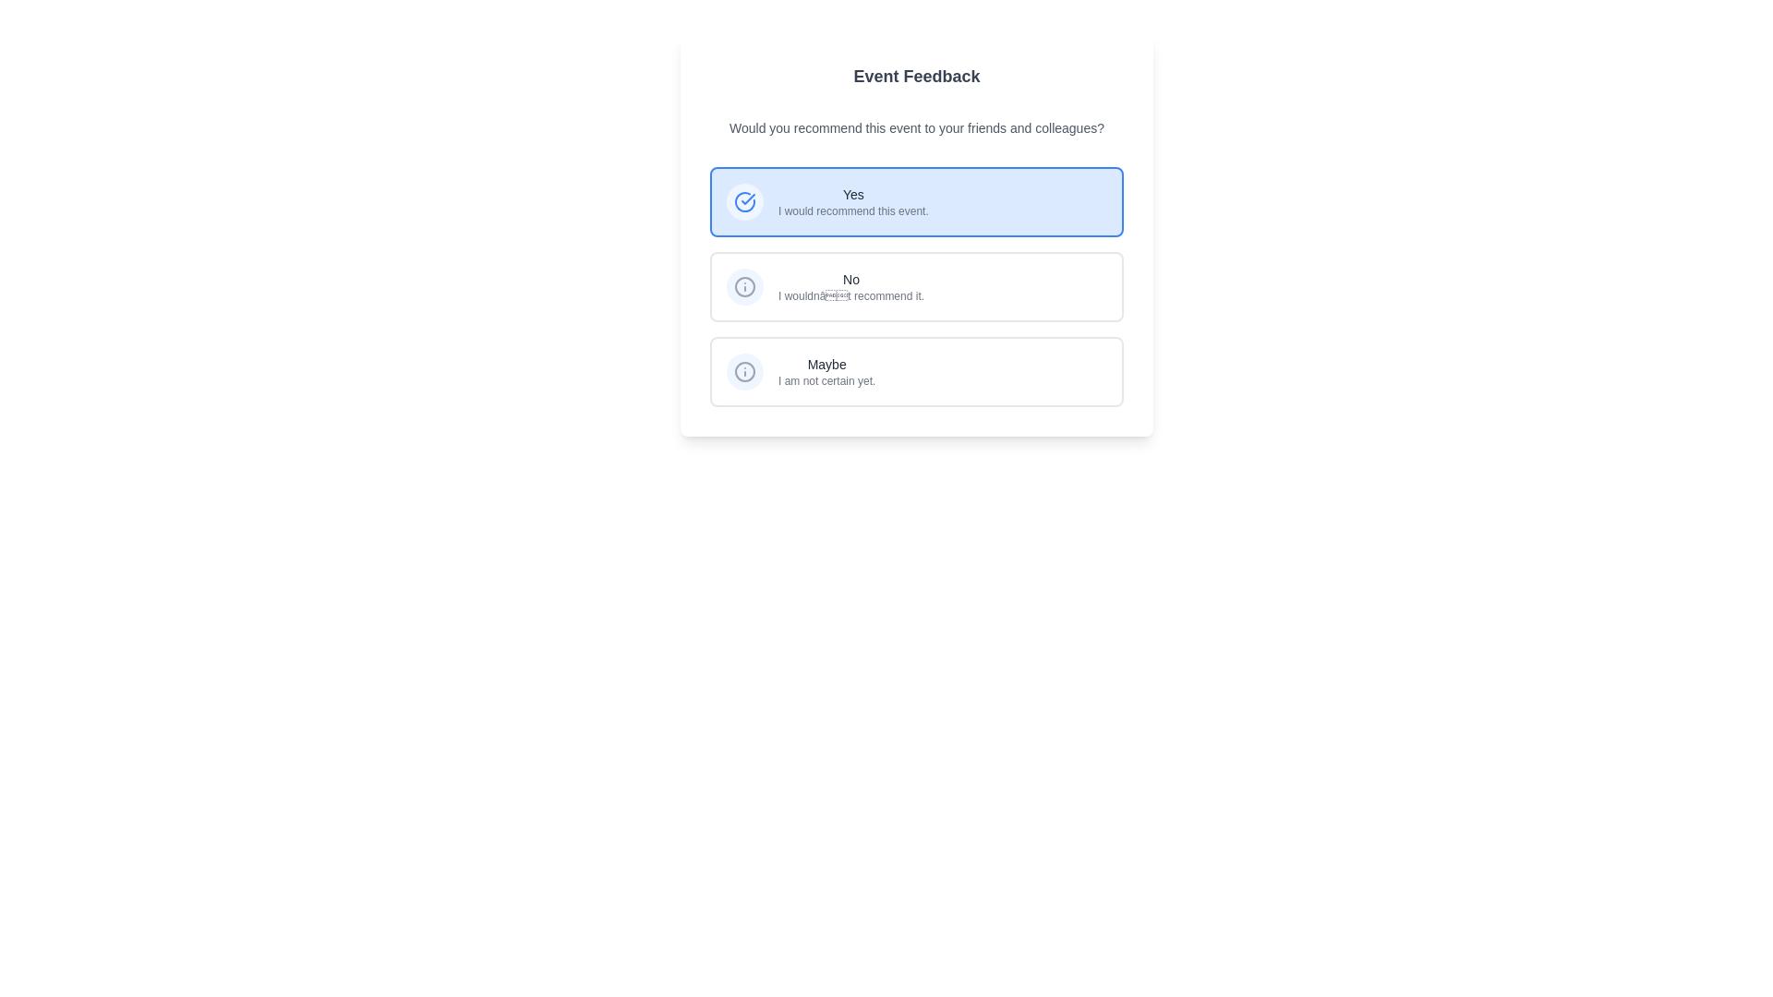 The height and width of the screenshot is (997, 1773). I want to click on the text label stating "I am not certain yet." which is positioned below the larger text "Maybe" as part of the feedback options, so click(826, 379).